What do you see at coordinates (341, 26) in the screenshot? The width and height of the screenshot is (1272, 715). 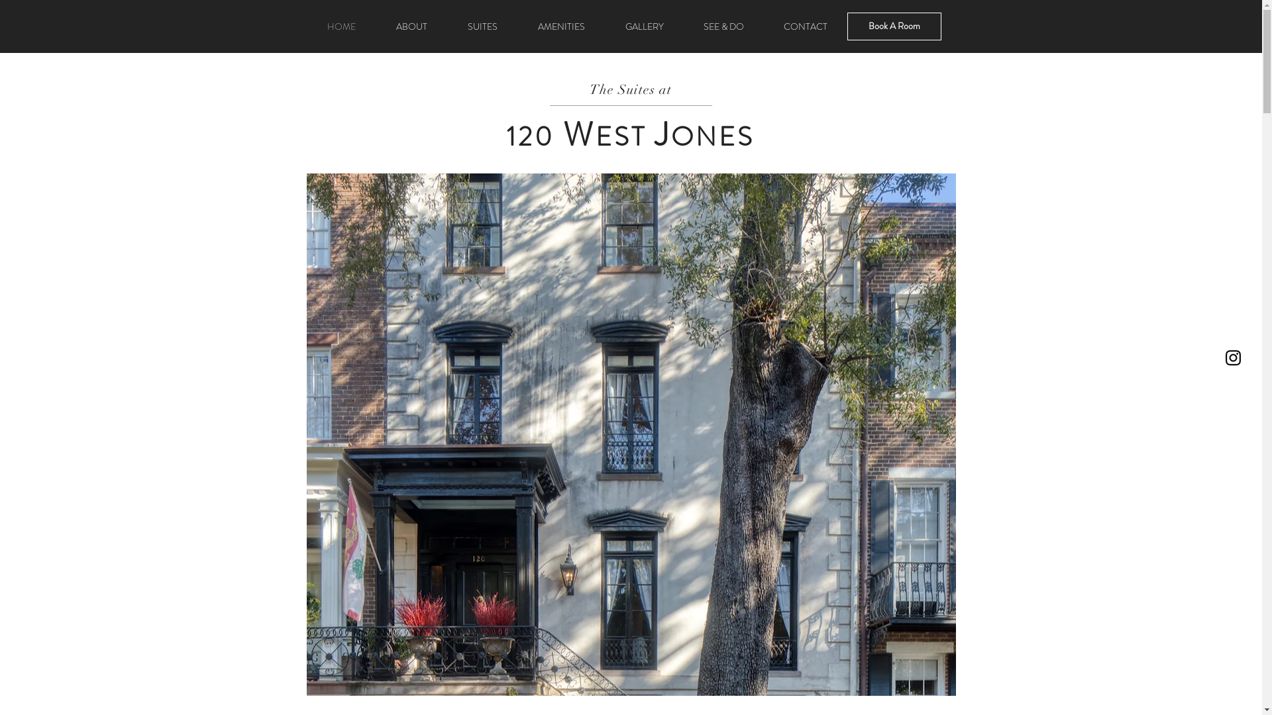 I see `'HOME'` at bounding box center [341, 26].